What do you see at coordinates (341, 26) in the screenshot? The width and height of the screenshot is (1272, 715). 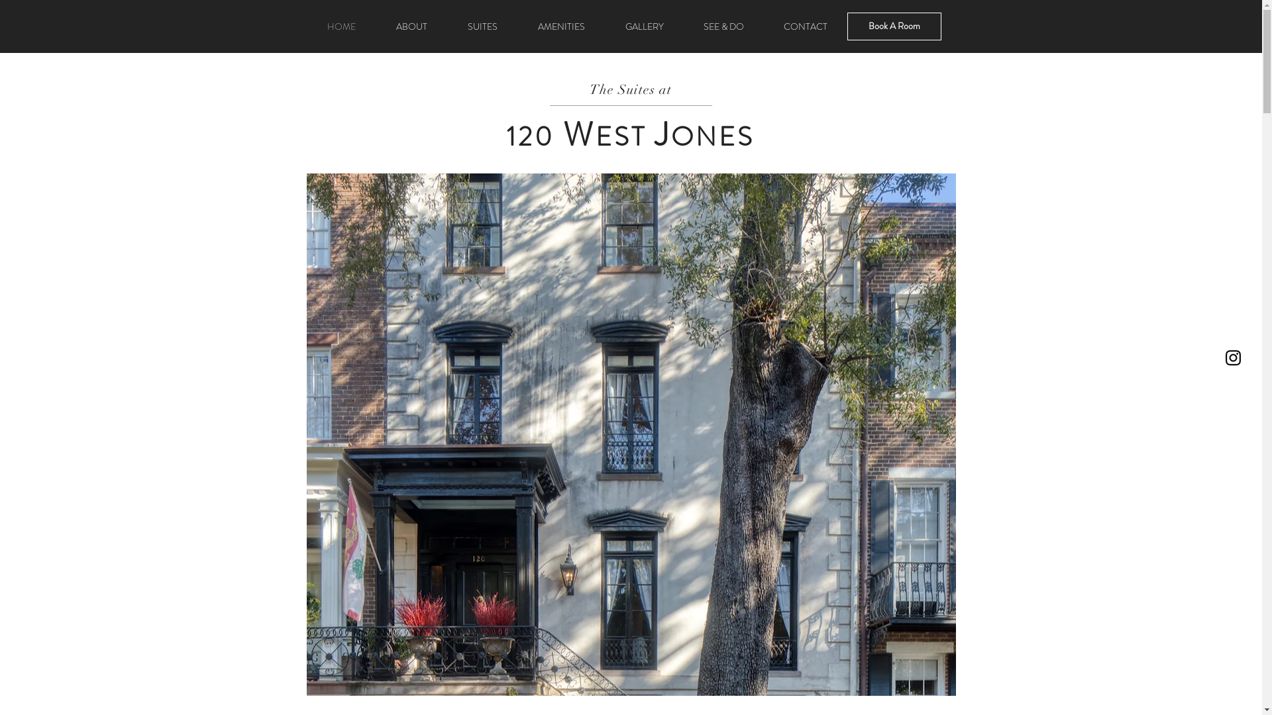 I see `'HOME'` at bounding box center [341, 26].